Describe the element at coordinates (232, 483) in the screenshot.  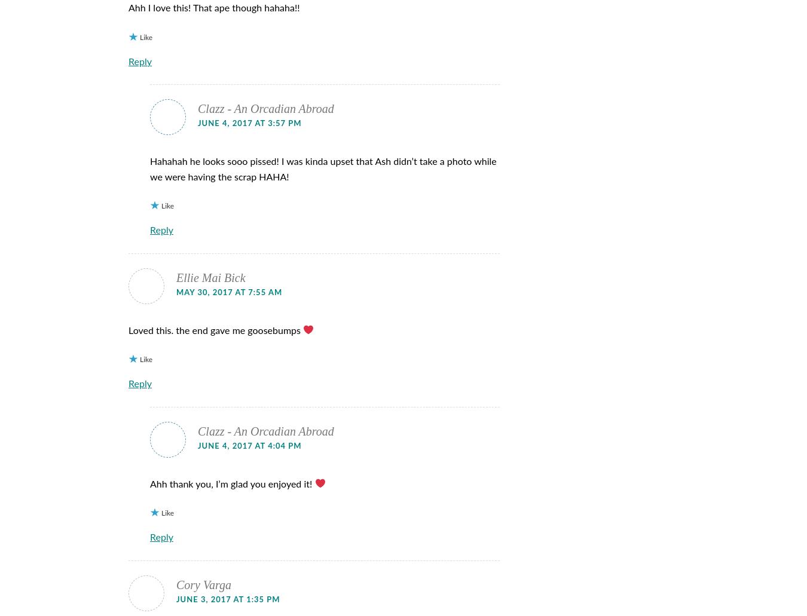
I see `'Ahh thank you, I’m glad you enjoyed it!'` at that location.